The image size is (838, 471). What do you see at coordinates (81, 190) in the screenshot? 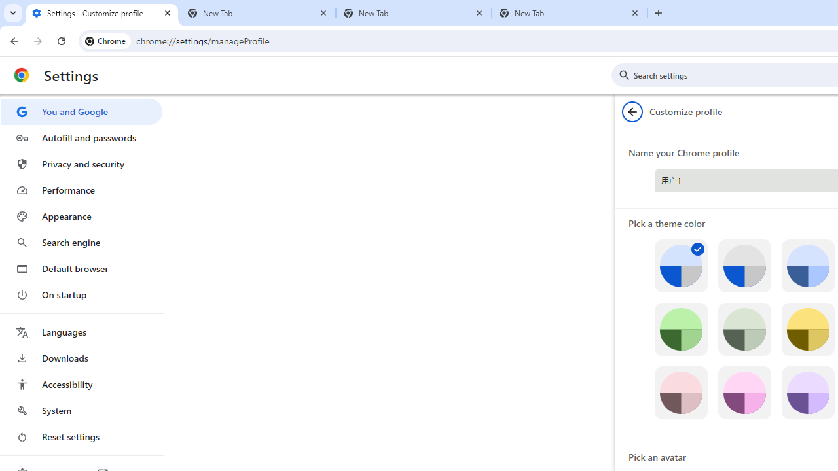
I see `'Performance'` at bounding box center [81, 190].